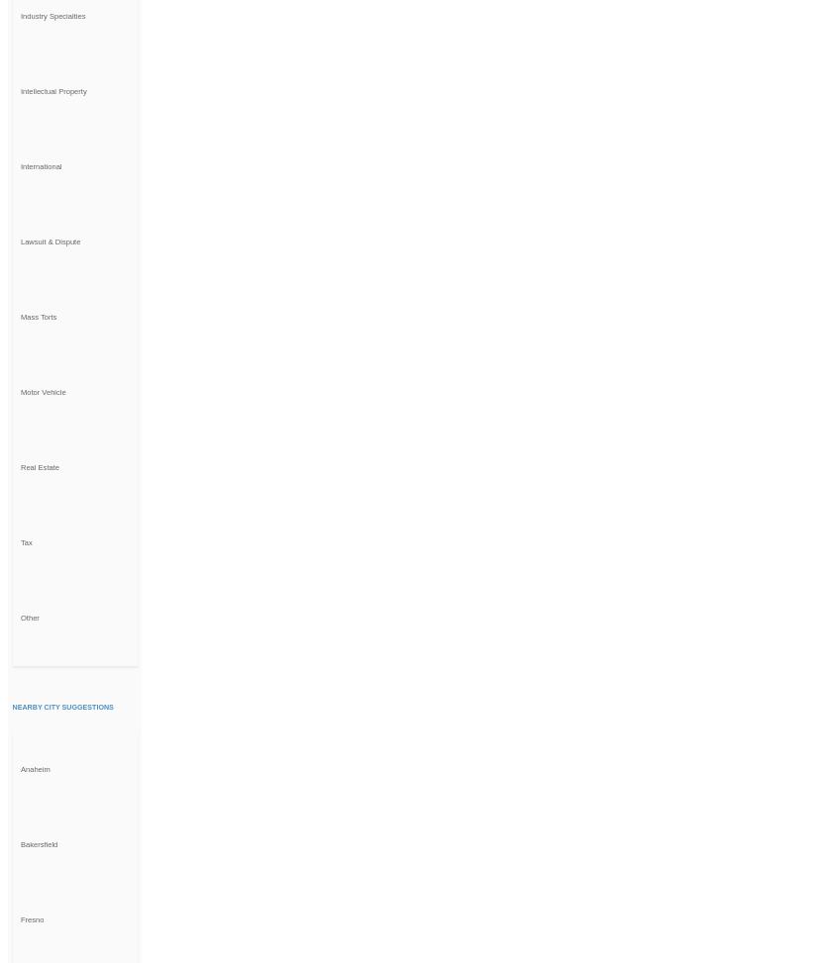  I want to click on 'Intellectual Property', so click(52, 89).